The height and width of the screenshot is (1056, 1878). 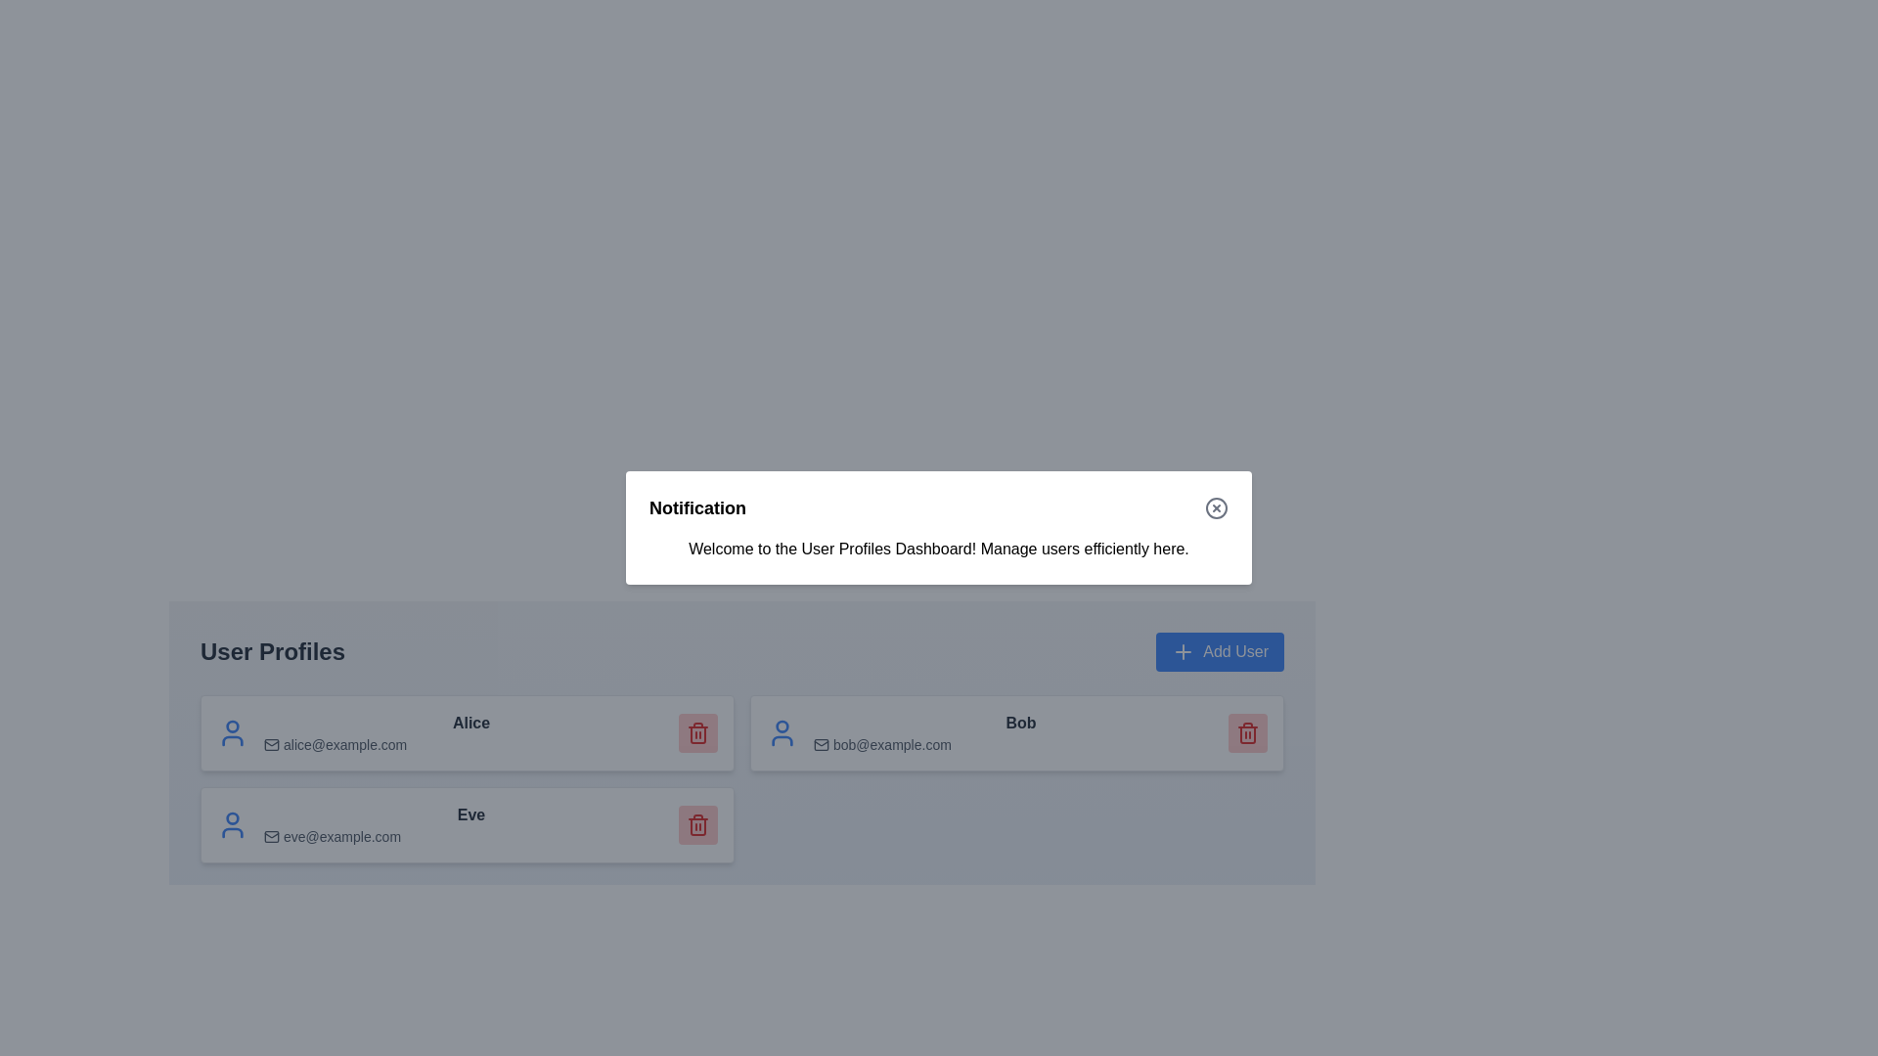 What do you see at coordinates (470, 814) in the screenshot?
I see `the text label 'Eve', which is displayed in bold dark-gray color and positioned within the user card layout, located between the avatar icon and the email address` at bounding box center [470, 814].